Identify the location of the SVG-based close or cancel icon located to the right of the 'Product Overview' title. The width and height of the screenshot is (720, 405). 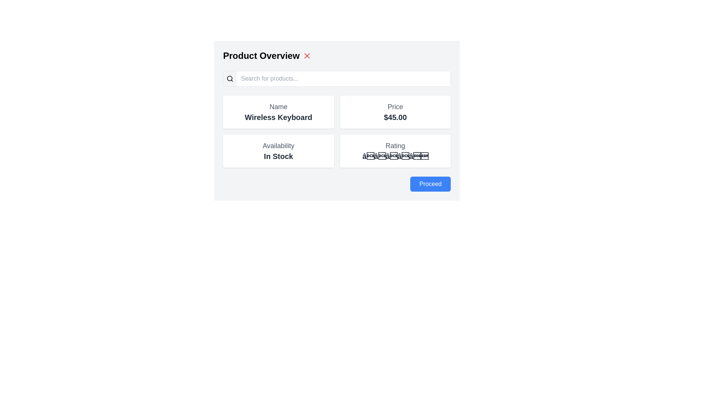
(307, 55).